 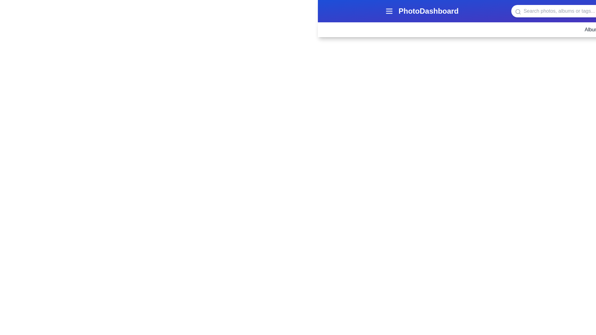 I want to click on the menu icon to toggle the menu visibility, so click(x=389, y=11).